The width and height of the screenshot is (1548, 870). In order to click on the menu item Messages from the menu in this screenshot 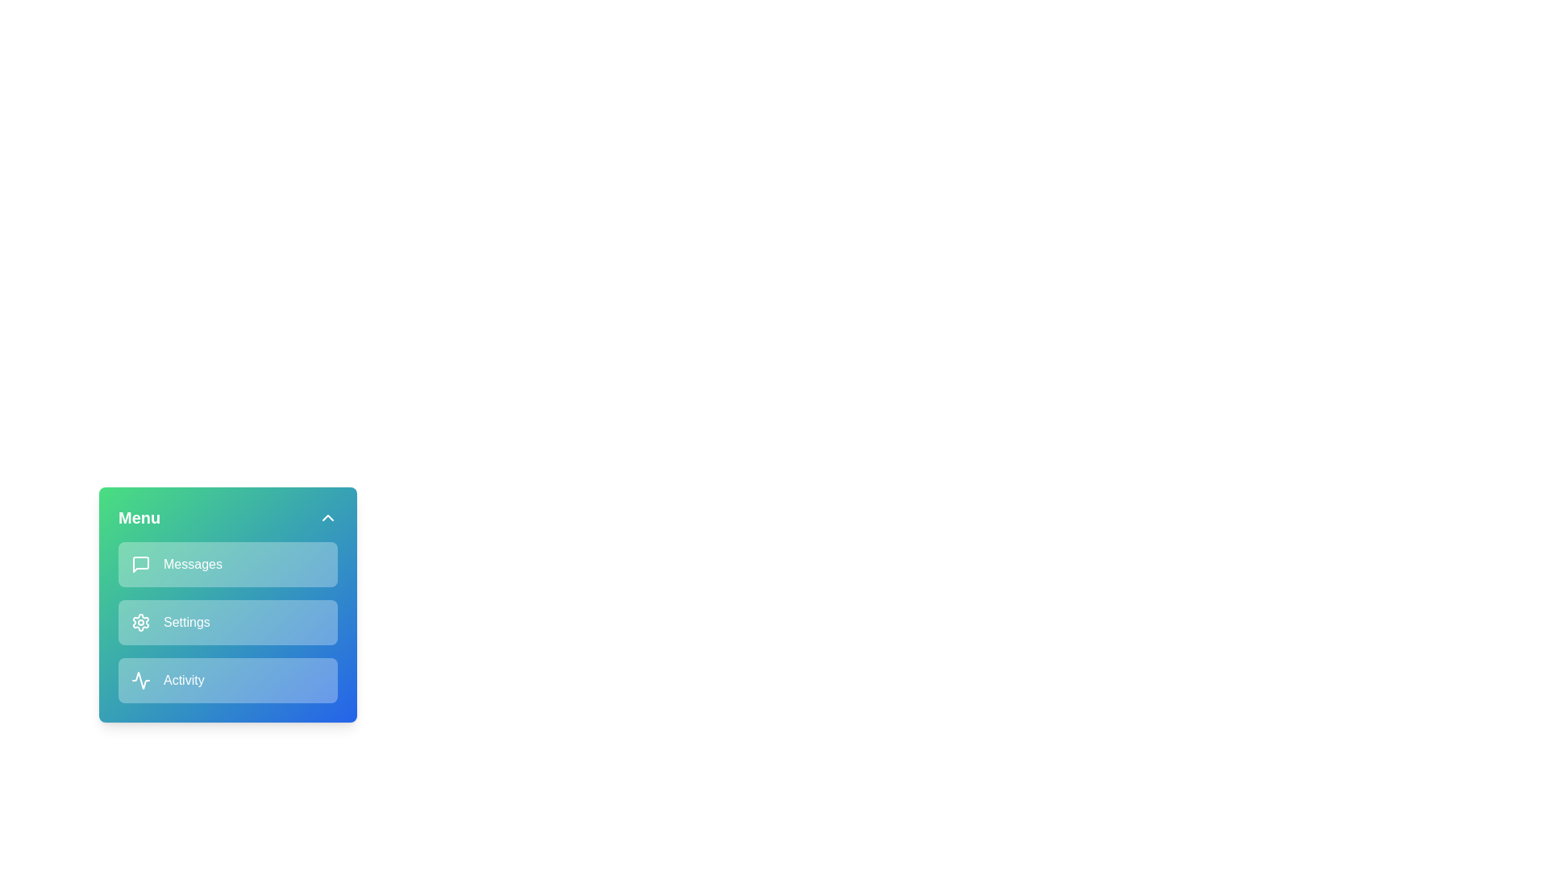, I will do `click(227, 564)`.